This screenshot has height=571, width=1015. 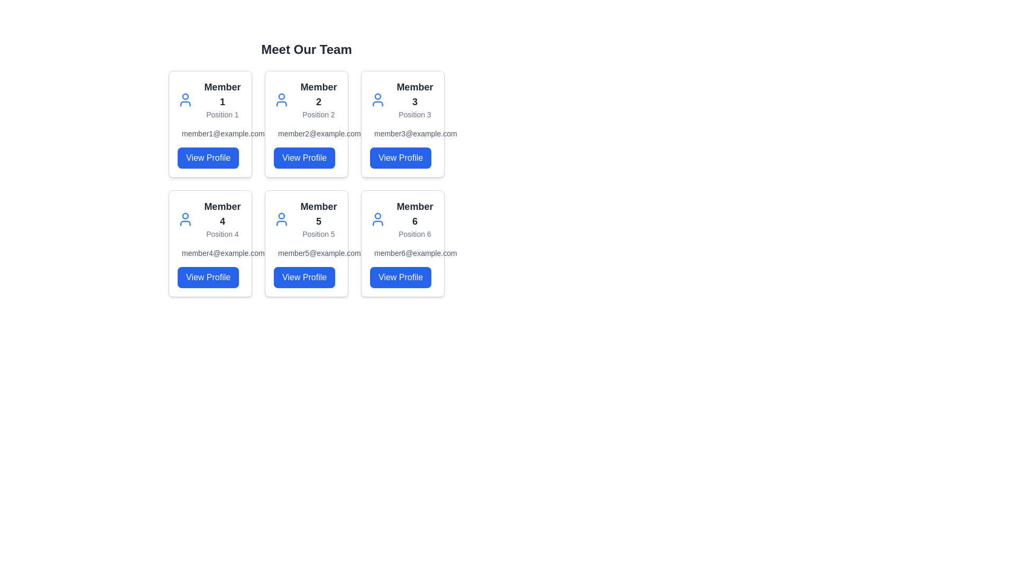 I want to click on the Static Text Label displaying 'Position 5' located in the second row, middle column of the card grid, so click(x=318, y=234).